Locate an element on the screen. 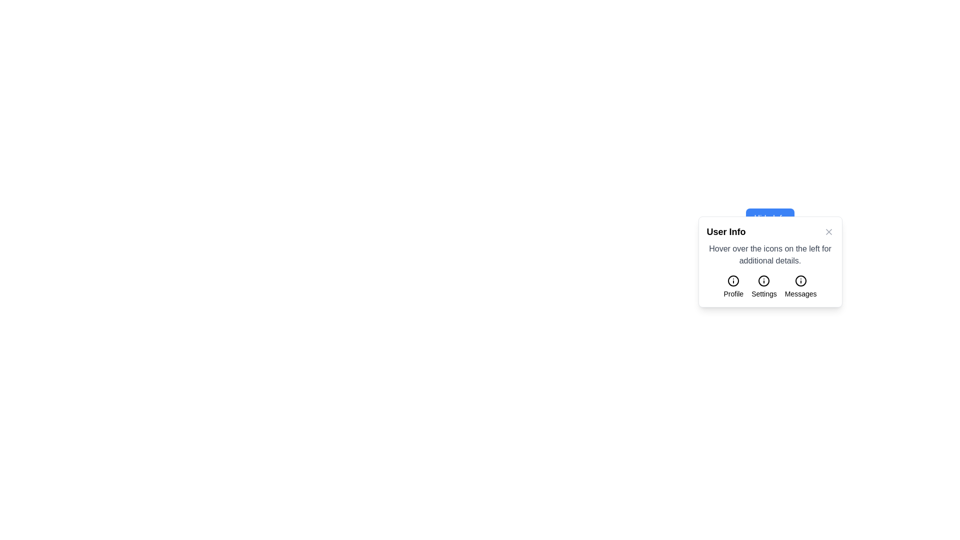 The width and height of the screenshot is (960, 540). the information icon styled with black strokes, located centrally under the 'Settings' label in the user info modal is located at coordinates (763, 281).